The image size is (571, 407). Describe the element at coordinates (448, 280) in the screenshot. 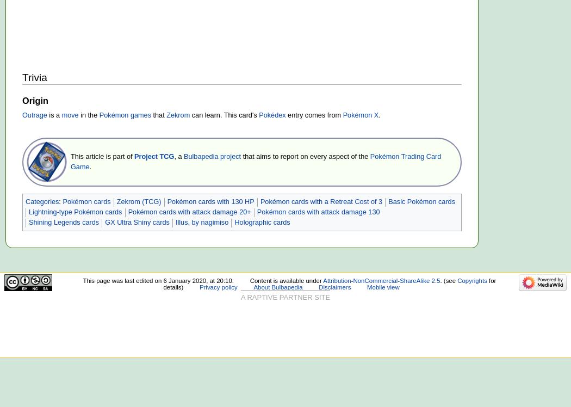

I see `'. (see'` at that location.